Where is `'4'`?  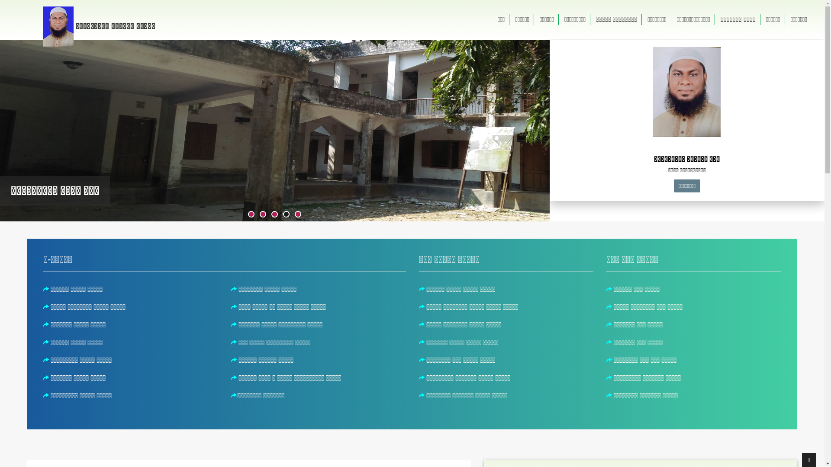 '4' is located at coordinates (286, 214).